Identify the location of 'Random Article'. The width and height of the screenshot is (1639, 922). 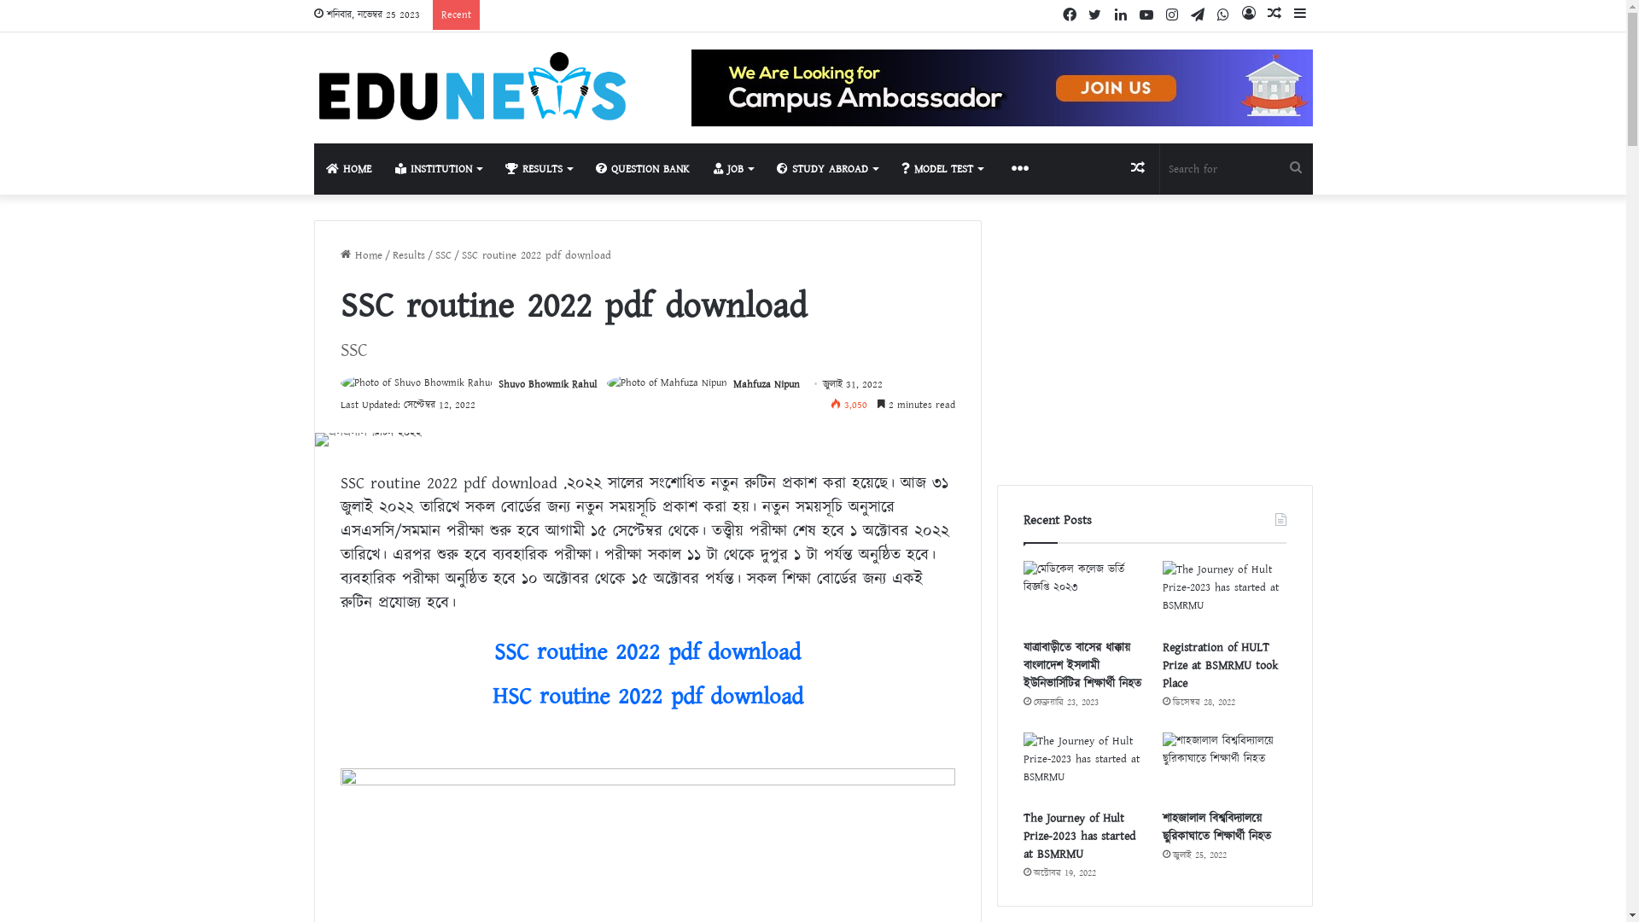
(1125, 168).